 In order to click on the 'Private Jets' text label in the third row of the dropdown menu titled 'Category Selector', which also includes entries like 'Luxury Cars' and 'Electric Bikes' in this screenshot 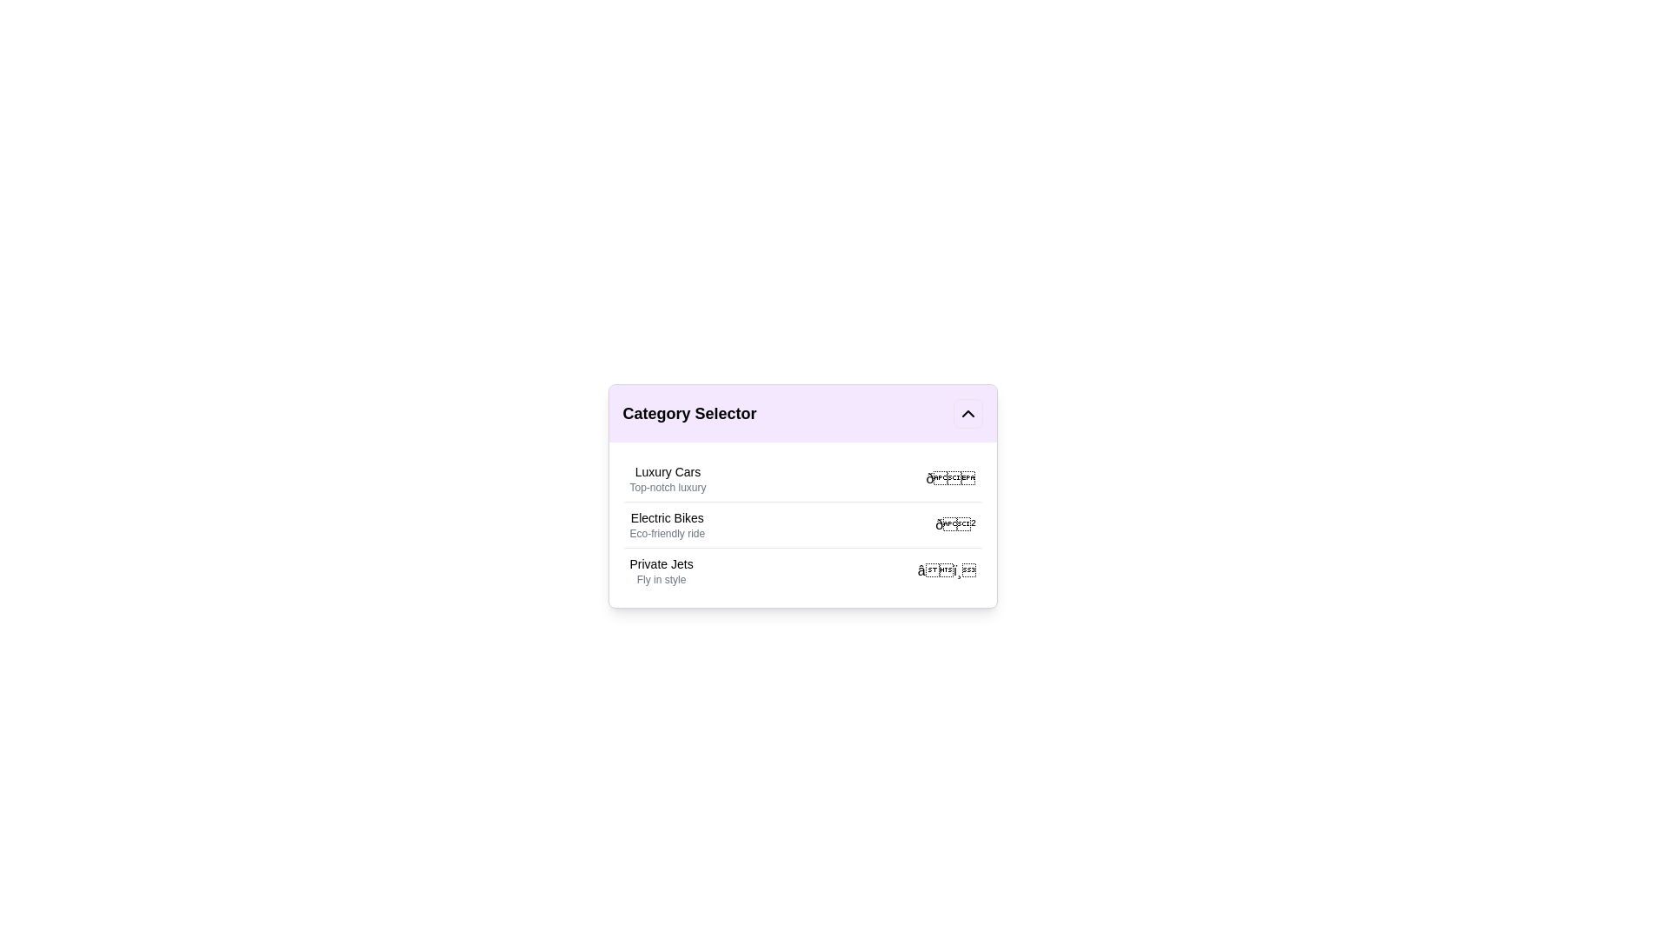, I will do `click(661, 563)`.